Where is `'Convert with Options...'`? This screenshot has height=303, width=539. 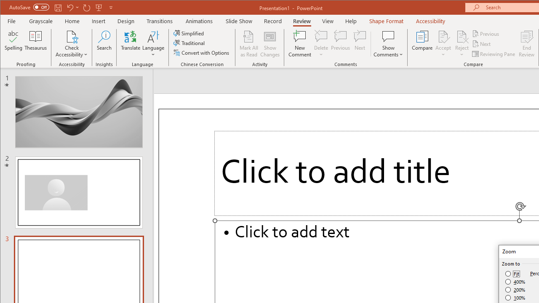
'Convert with Options...' is located at coordinates (202, 53).